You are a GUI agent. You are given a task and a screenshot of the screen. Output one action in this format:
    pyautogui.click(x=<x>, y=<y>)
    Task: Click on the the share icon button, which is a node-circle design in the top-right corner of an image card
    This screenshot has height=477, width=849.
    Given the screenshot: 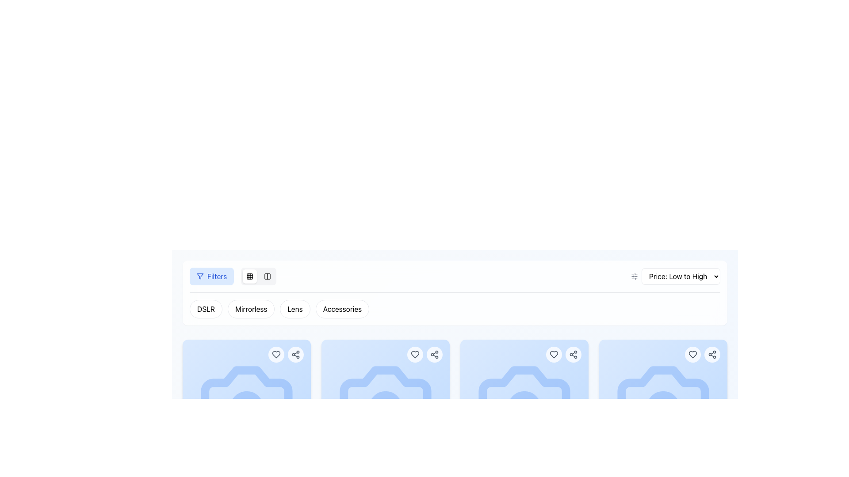 What is the action you would take?
    pyautogui.click(x=295, y=354)
    